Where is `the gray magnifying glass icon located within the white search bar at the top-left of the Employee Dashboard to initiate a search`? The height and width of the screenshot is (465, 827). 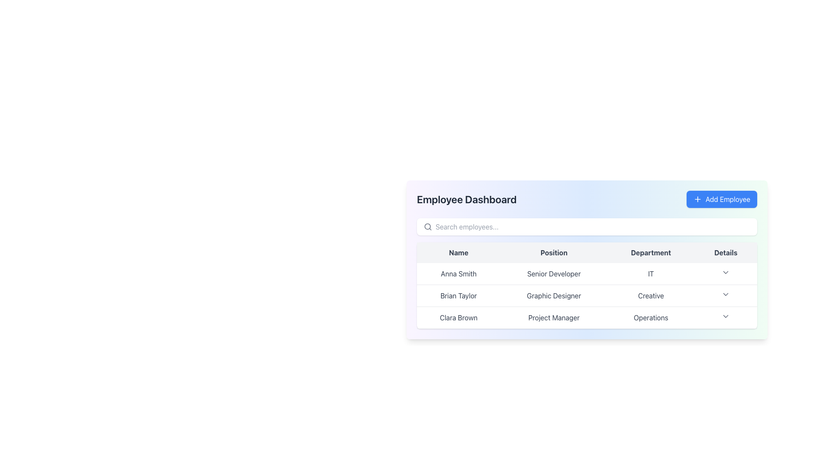 the gray magnifying glass icon located within the white search bar at the top-left of the Employee Dashboard to initiate a search is located at coordinates (428, 226).